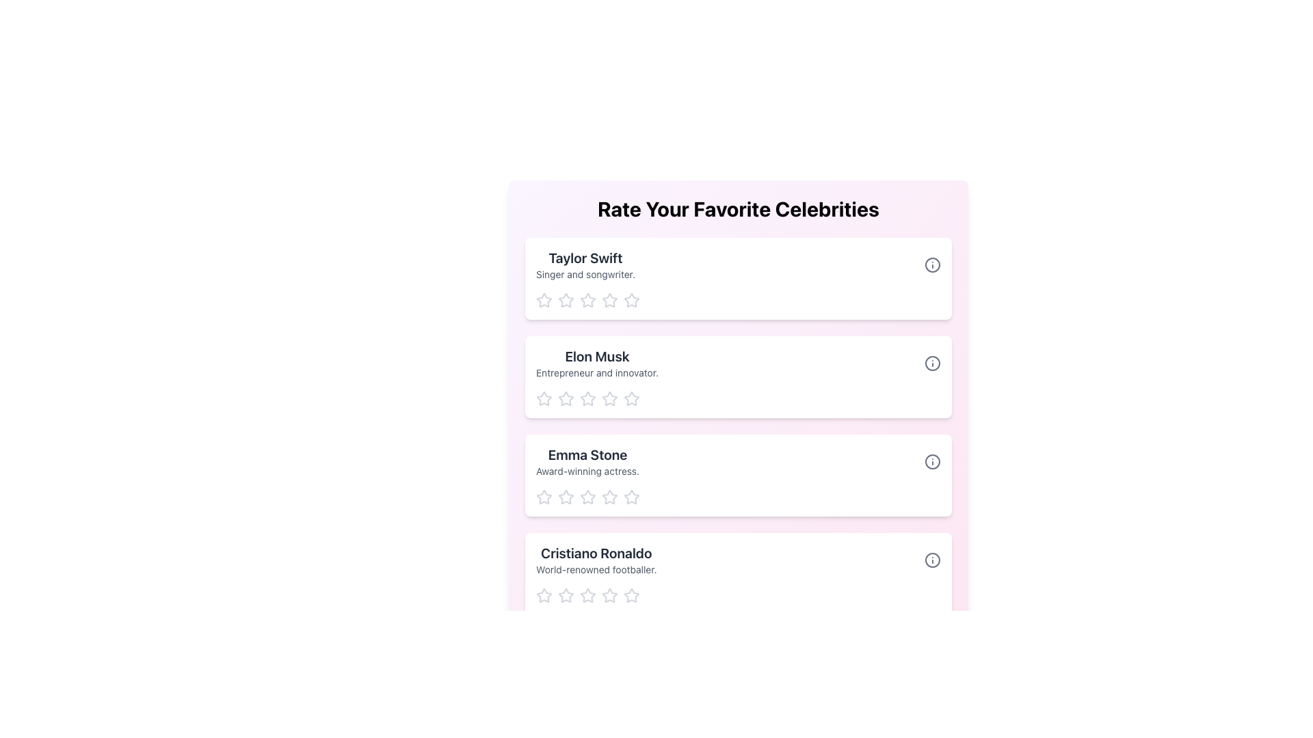  Describe the element at coordinates (631, 398) in the screenshot. I see `the third star-shaped icon in the rating row for 'Elon Musk'` at that location.